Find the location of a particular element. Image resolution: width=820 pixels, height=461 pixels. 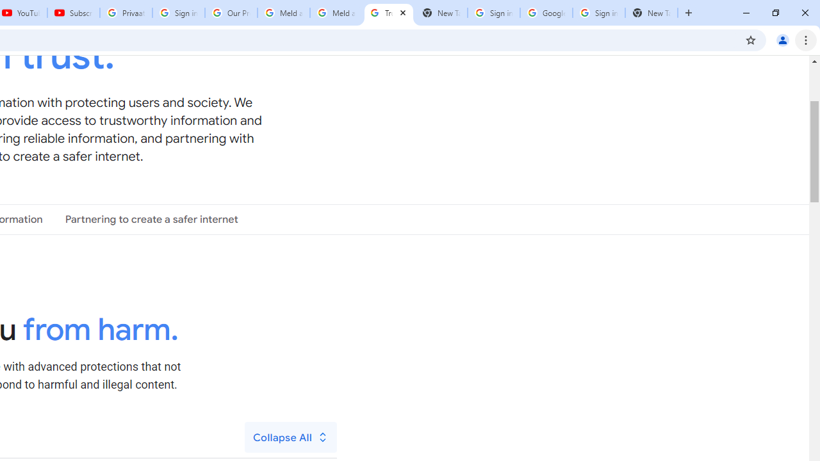

'Collapse All' is located at coordinates (290, 436).